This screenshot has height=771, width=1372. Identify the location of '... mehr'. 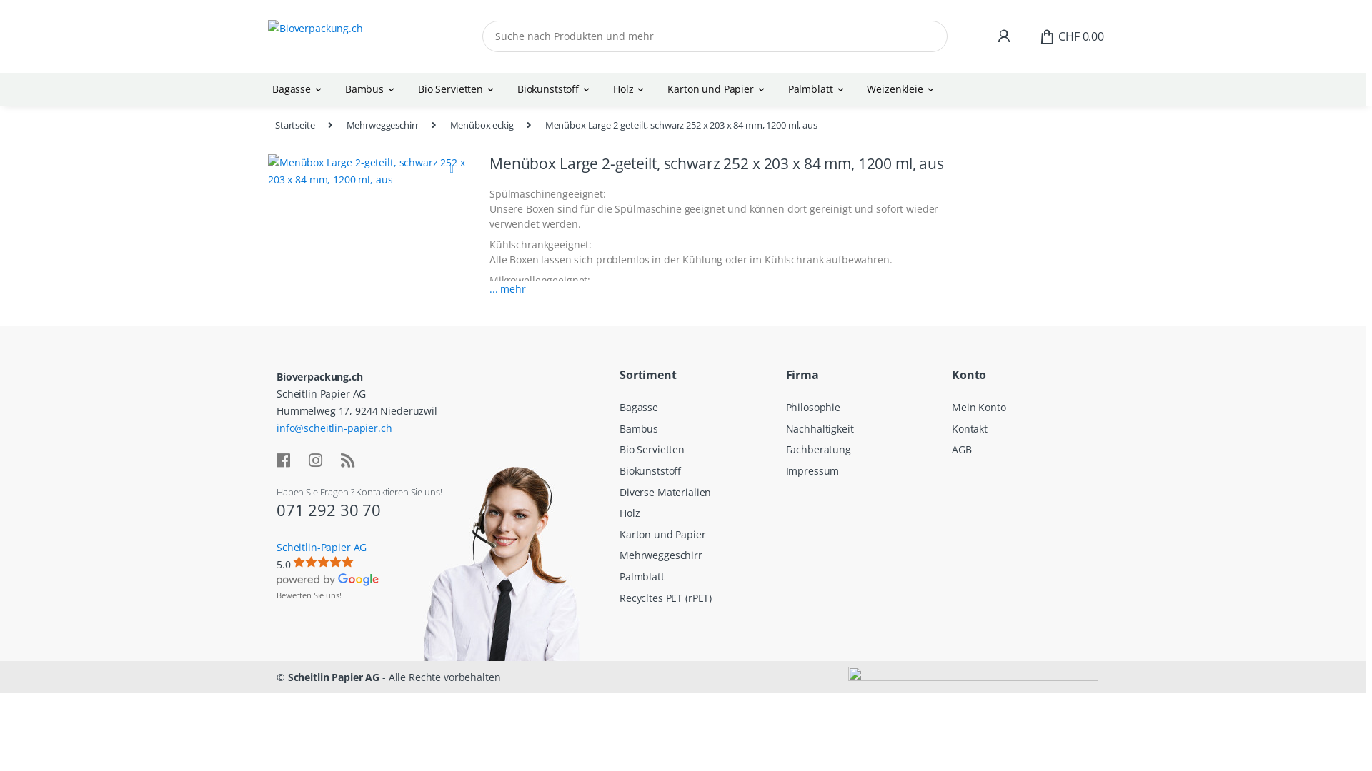
(507, 295).